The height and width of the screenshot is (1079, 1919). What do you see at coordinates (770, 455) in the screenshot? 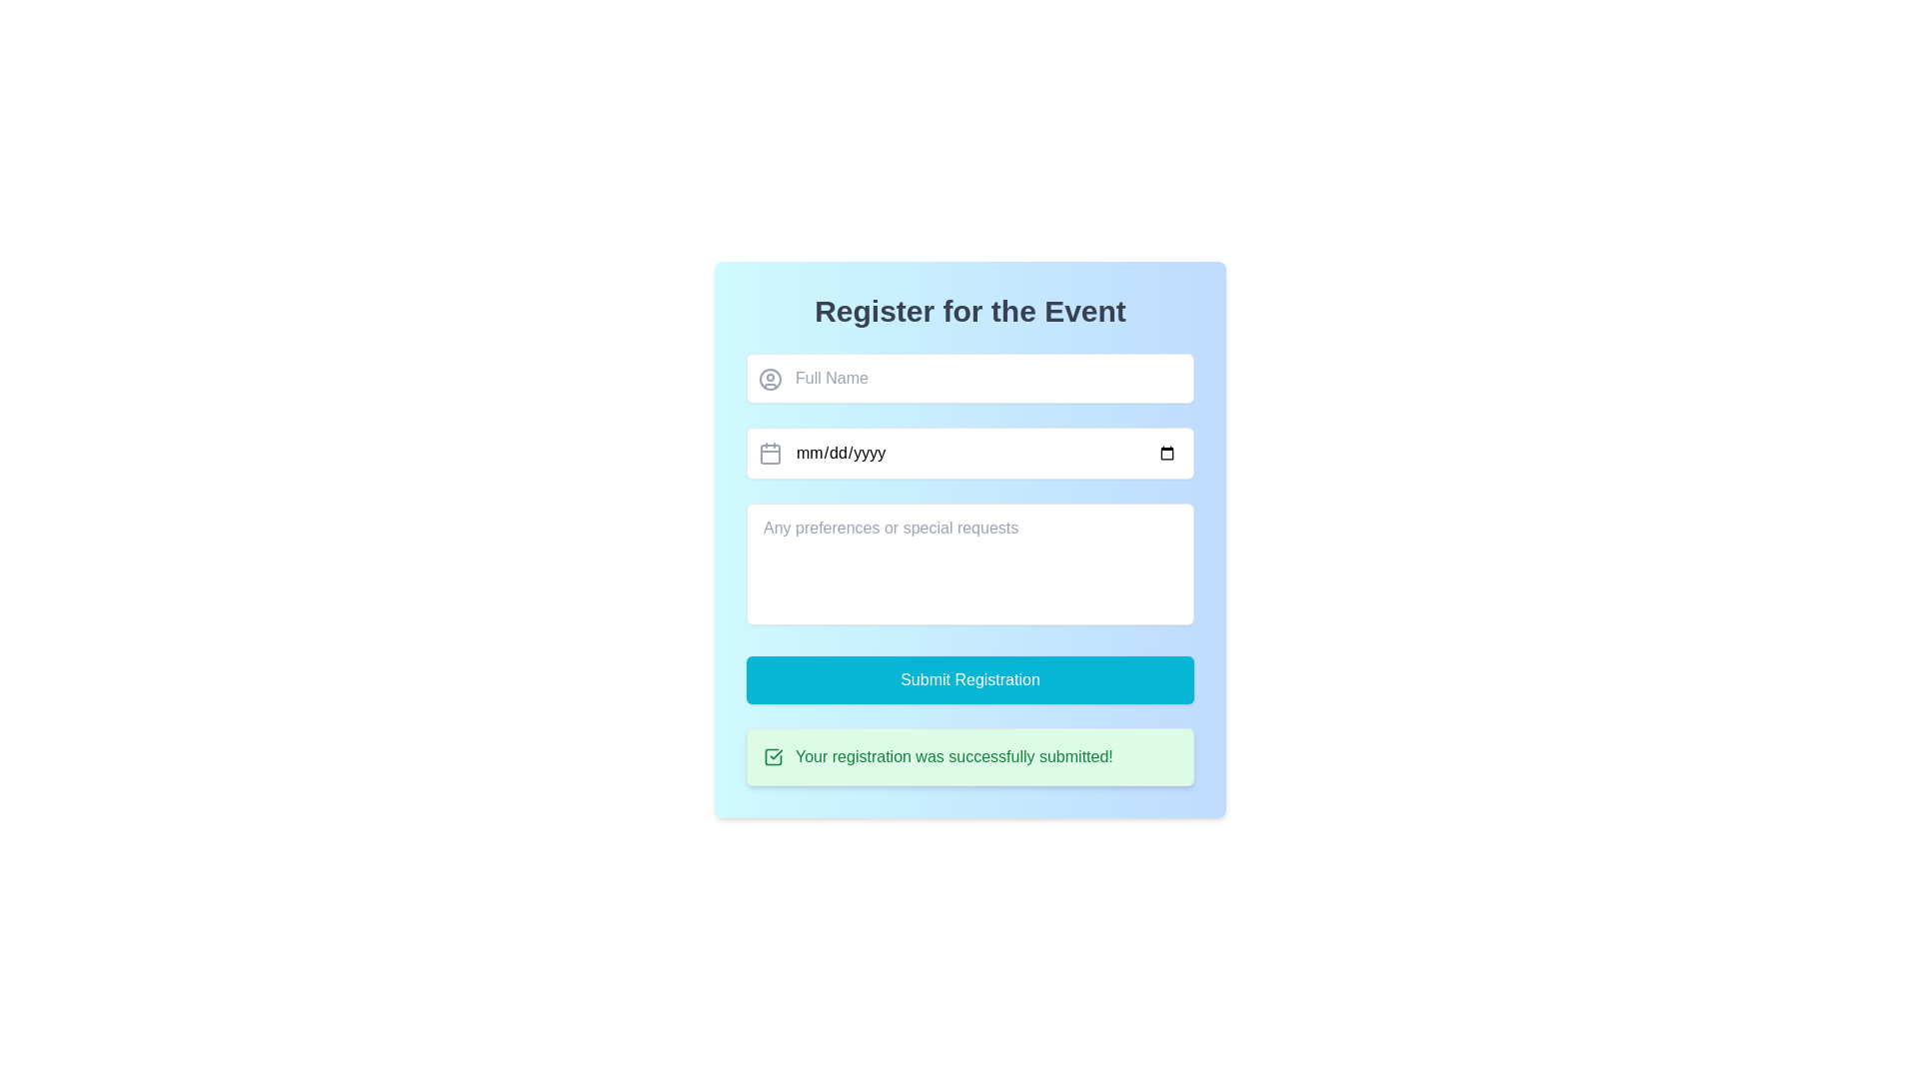
I see `the calendar icon located to the left of the date input field labeled 'mm/dd/yyyy'` at bounding box center [770, 455].